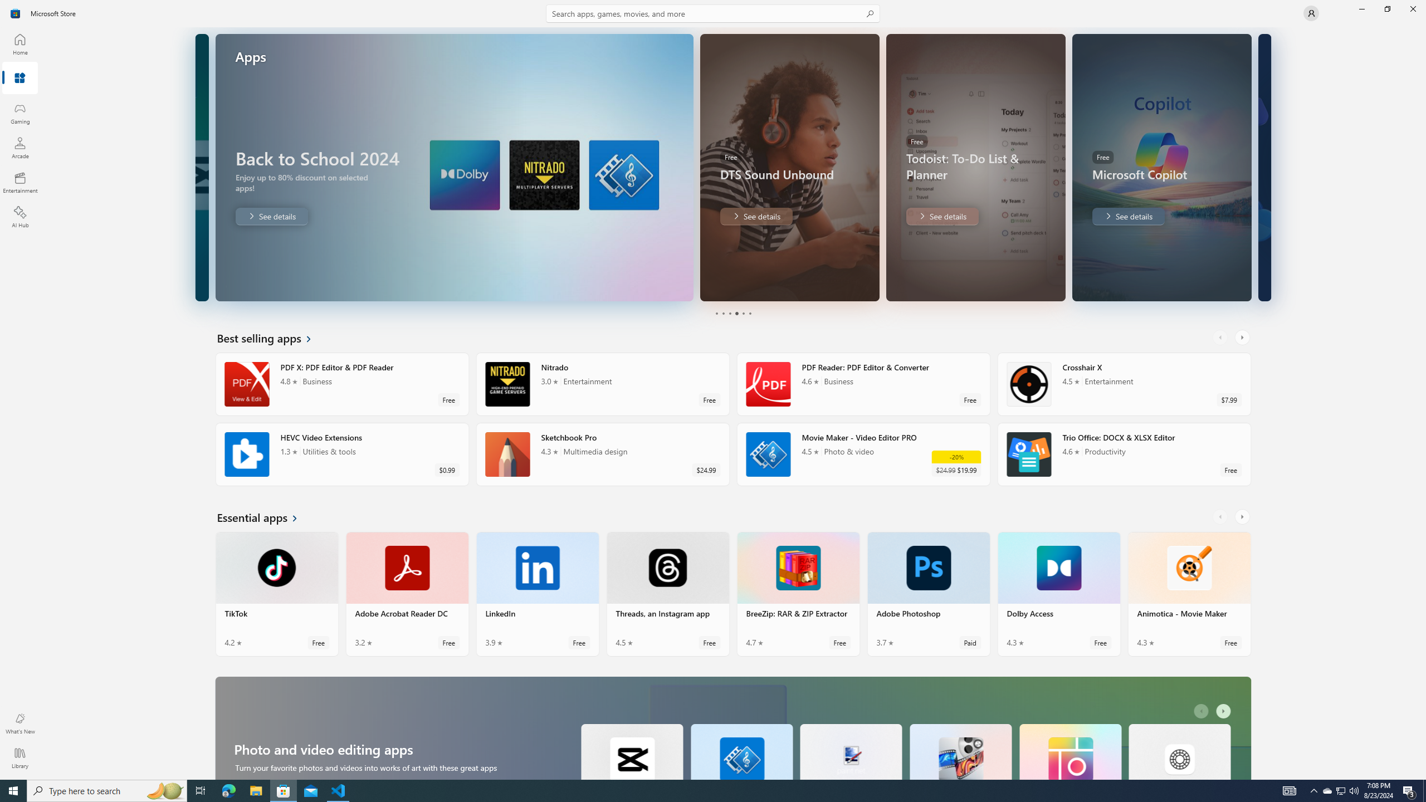  I want to click on 'Pic Collage. Average rating of 4.8 out of five stars. Free  ', so click(1069, 751).